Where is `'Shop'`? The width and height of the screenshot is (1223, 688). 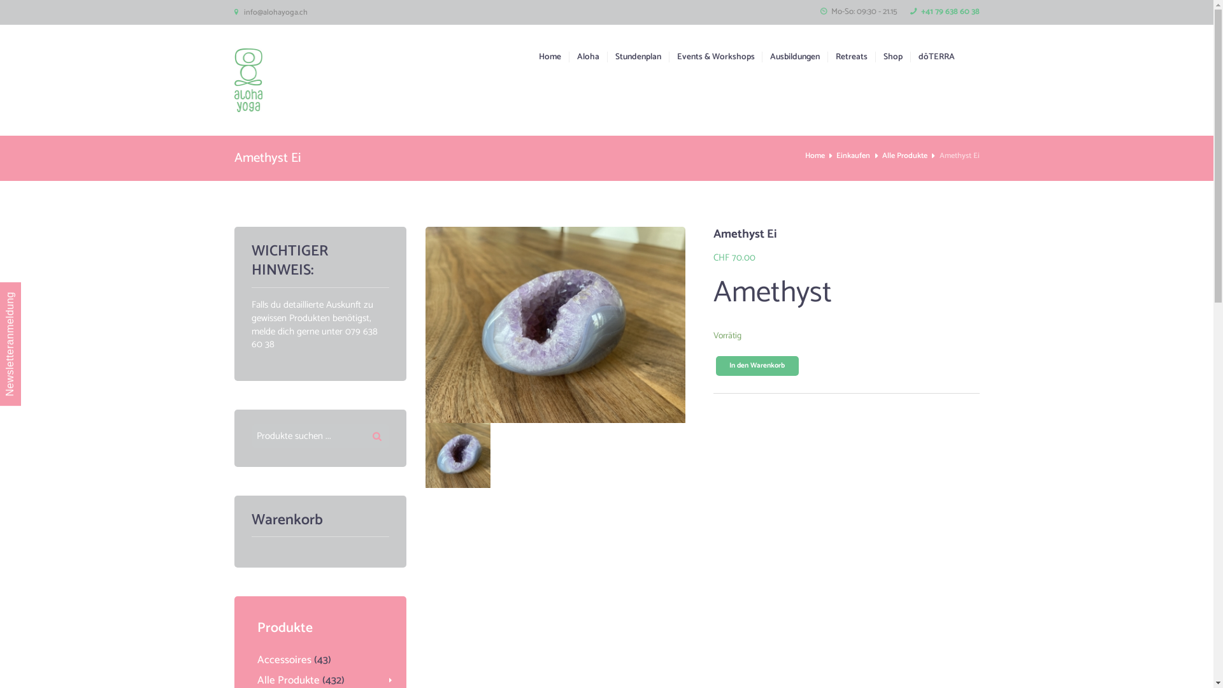
'Shop' is located at coordinates (874, 56).